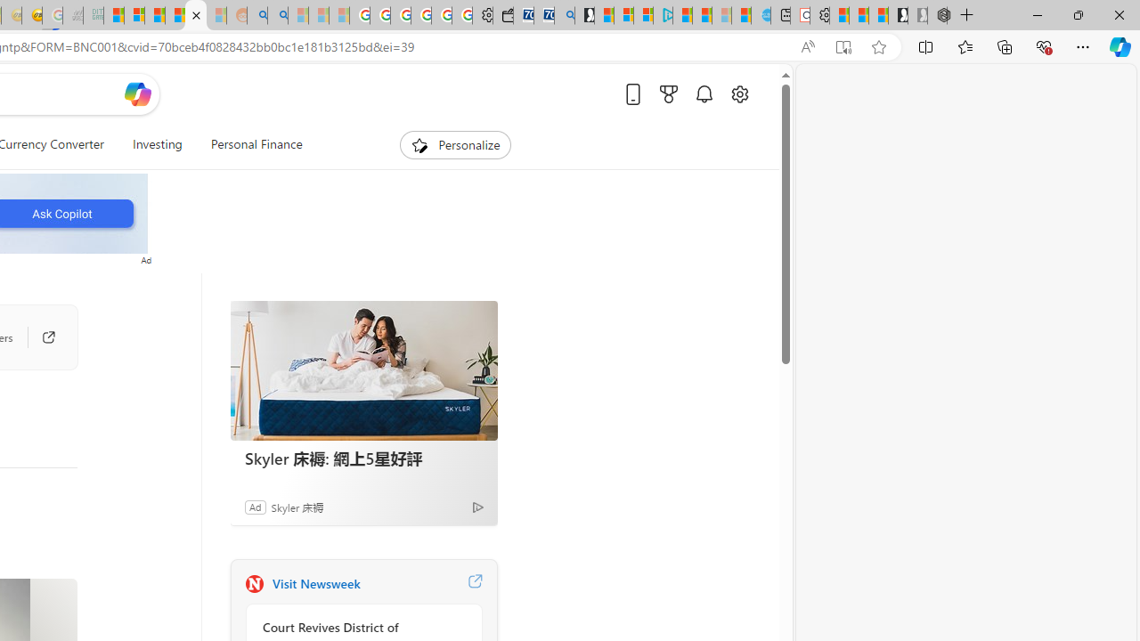 This screenshot has height=641, width=1140. What do you see at coordinates (477, 507) in the screenshot?
I see `'Ad Choice'` at bounding box center [477, 507].